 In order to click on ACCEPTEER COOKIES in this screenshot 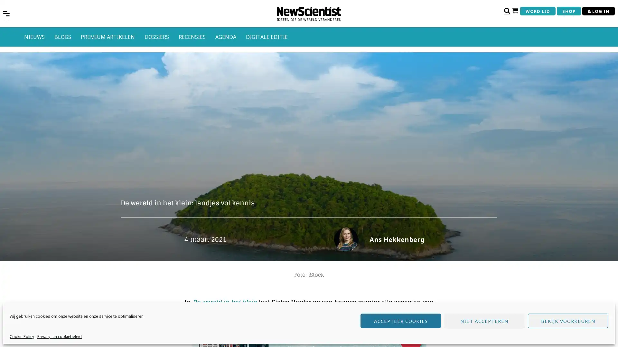, I will do `click(400, 321)`.